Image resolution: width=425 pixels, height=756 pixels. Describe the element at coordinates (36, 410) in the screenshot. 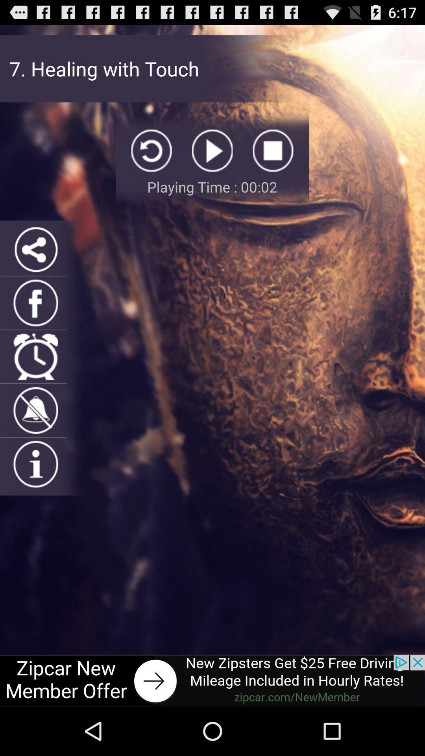

I see `bell igan` at that location.